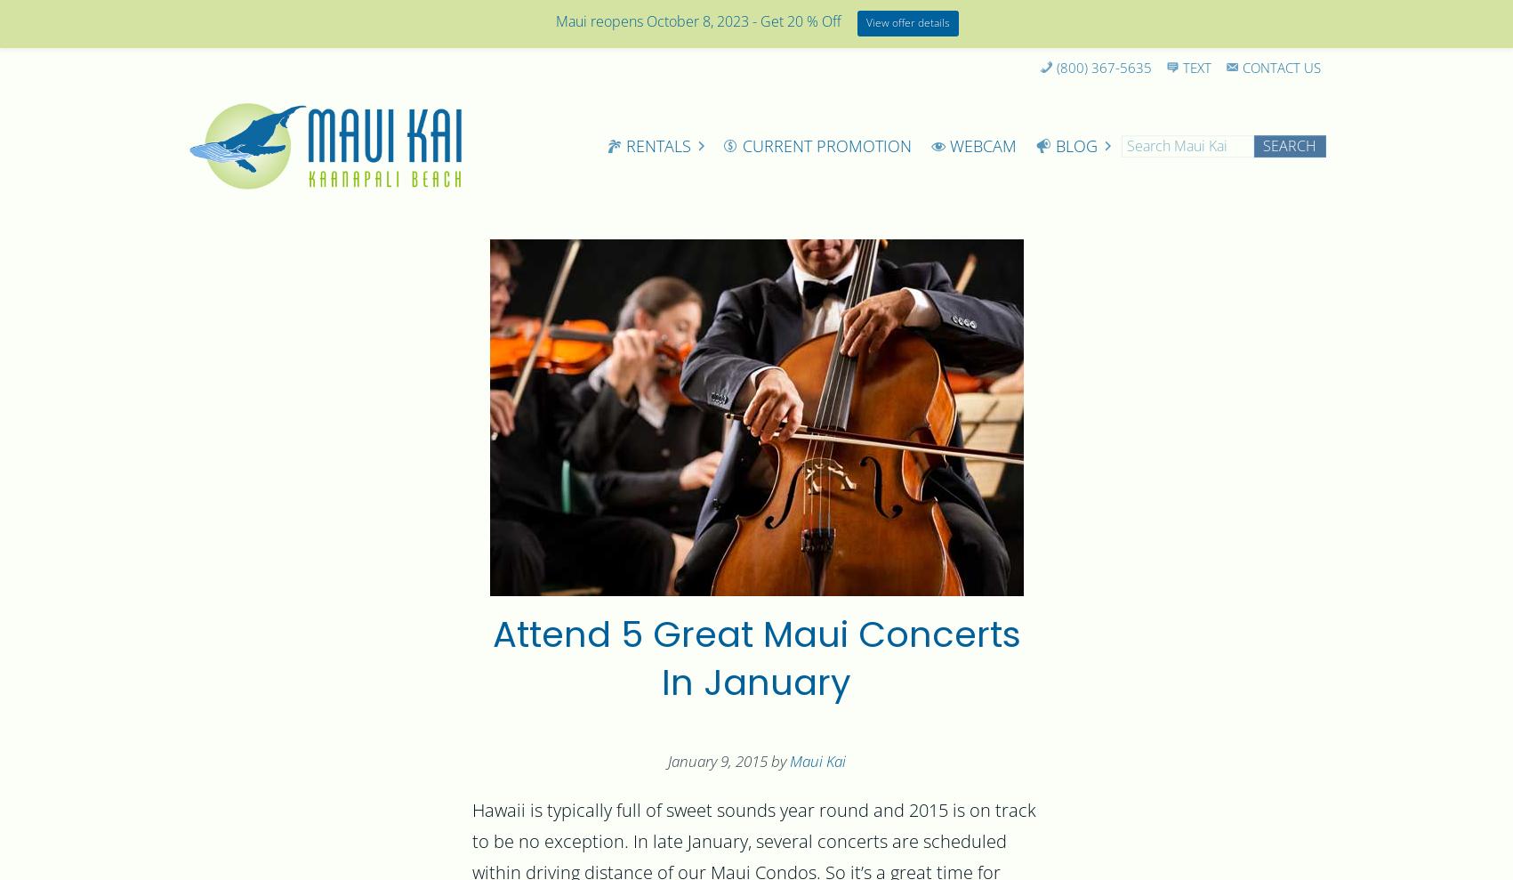 The image size is (1513, 880). I want to click on 'Text', so click(1195, 66).